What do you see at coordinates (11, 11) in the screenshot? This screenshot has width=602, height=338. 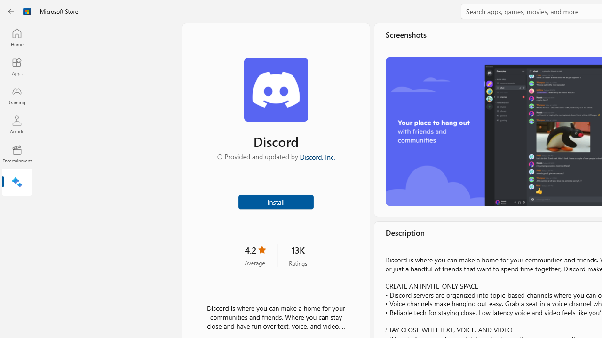 I see `'Back'` at bounding box center [11, 11].